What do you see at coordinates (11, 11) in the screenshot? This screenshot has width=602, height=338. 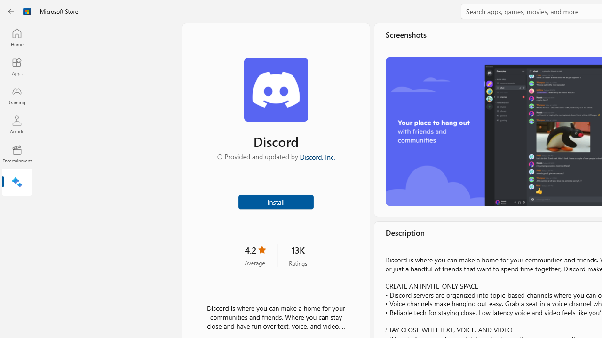 I see `'Back'` at bounding box center [11, 11].